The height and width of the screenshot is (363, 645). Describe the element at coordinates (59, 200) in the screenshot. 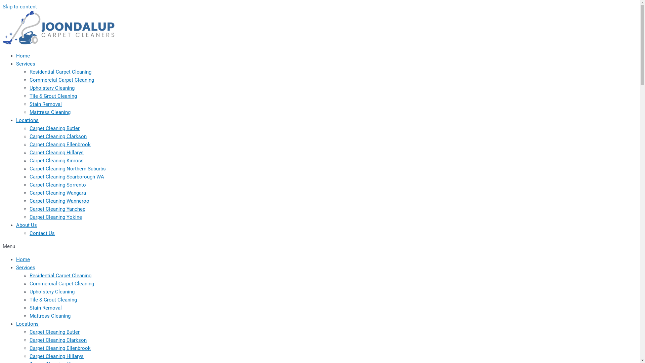

I see `'Carpet Cleaning Wanneroo'` at that location.